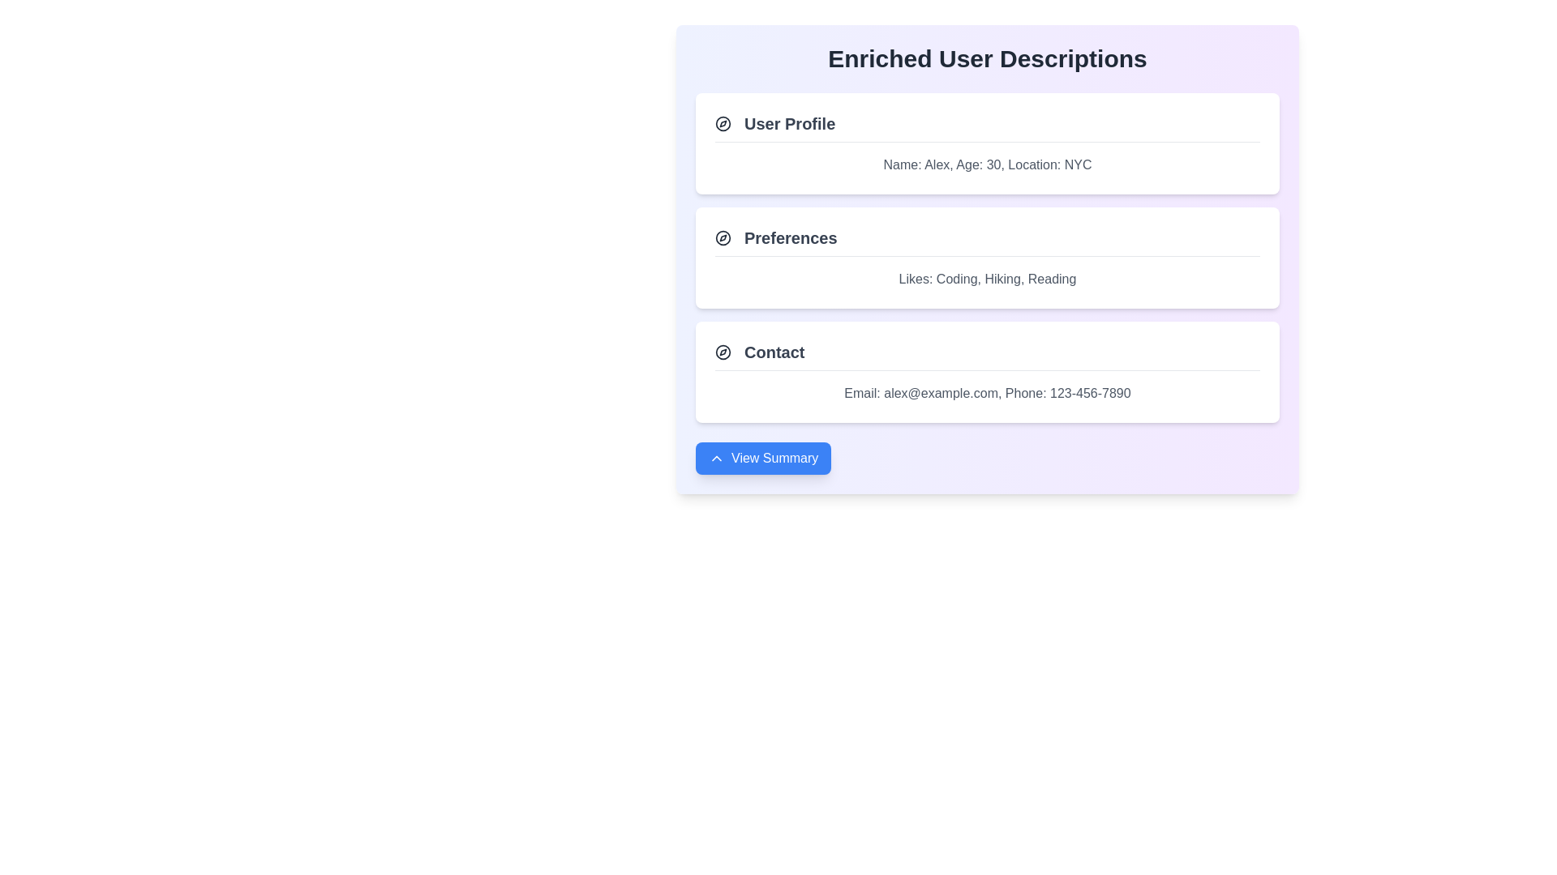 This screenshot has height=875, width=1557. Describe the element at coordinates (723, 237) in the screenshot. I see `the compass icon located at the left side of the 'Preferences' section, which symbolizes navigation or categorization related to user preferences` at that location.